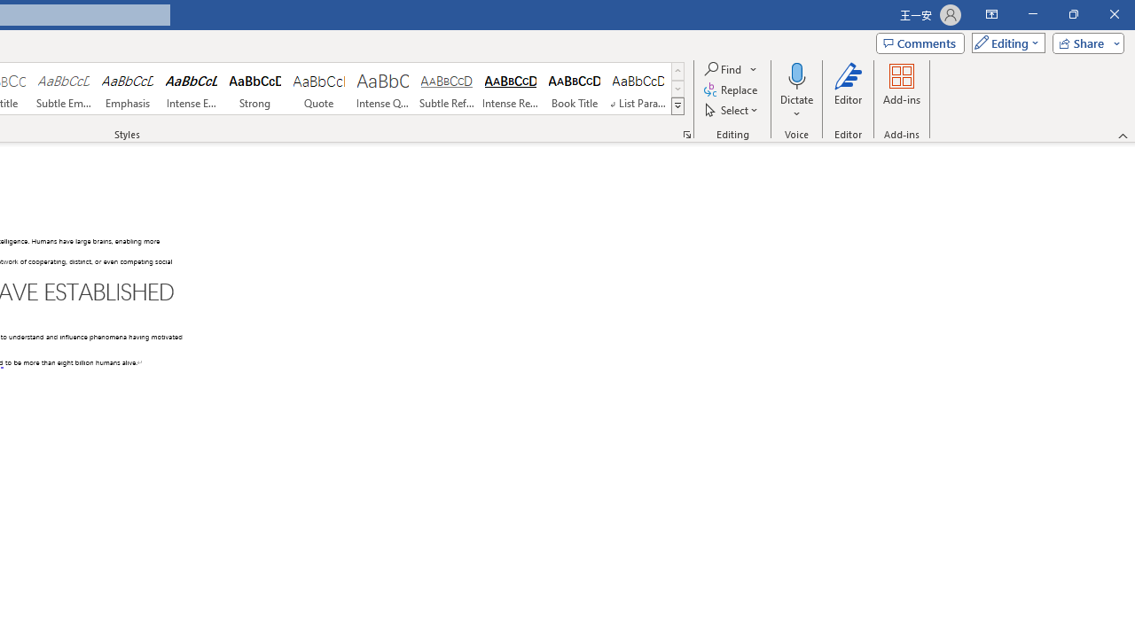 Image resolution: width=1135 pixels, height=638 pixels. I want to click on 'Book Title', so click(574, 89).